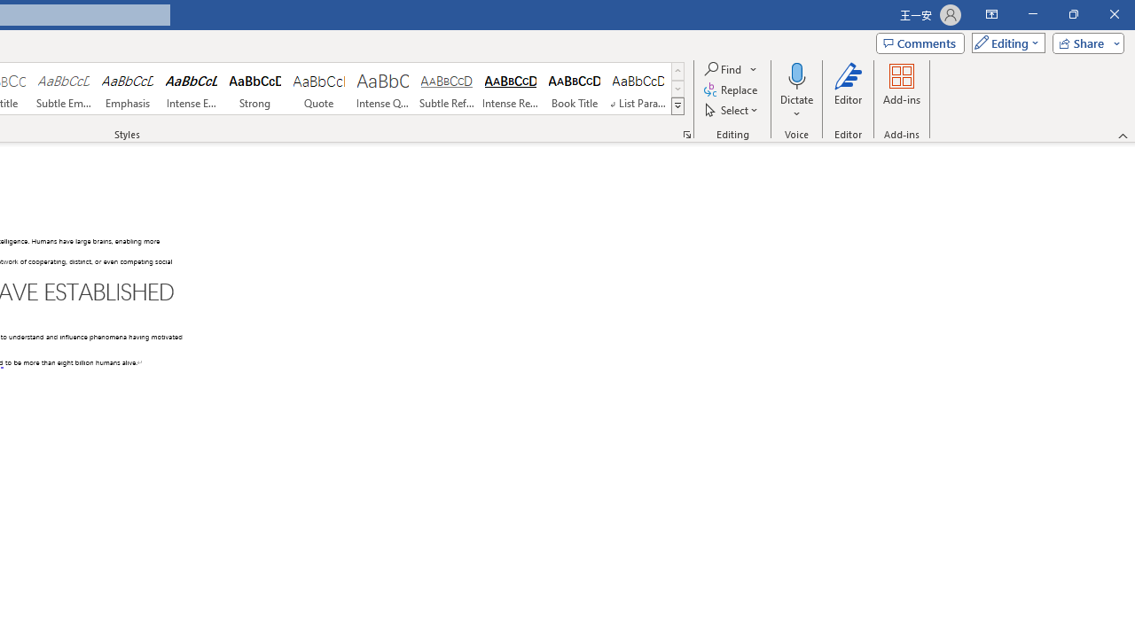 Image resolution: width=1135 pixels, height=638 pixels. I want to click on 'Book Title', so click(574, 89).